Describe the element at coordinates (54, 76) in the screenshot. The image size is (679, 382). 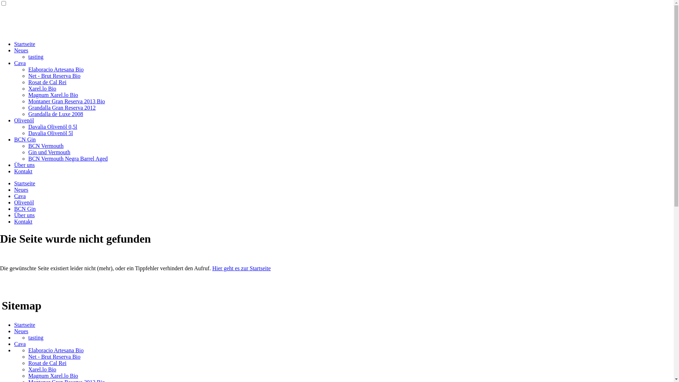
I see `'Net - Brut Reserva Bio'` at that location.